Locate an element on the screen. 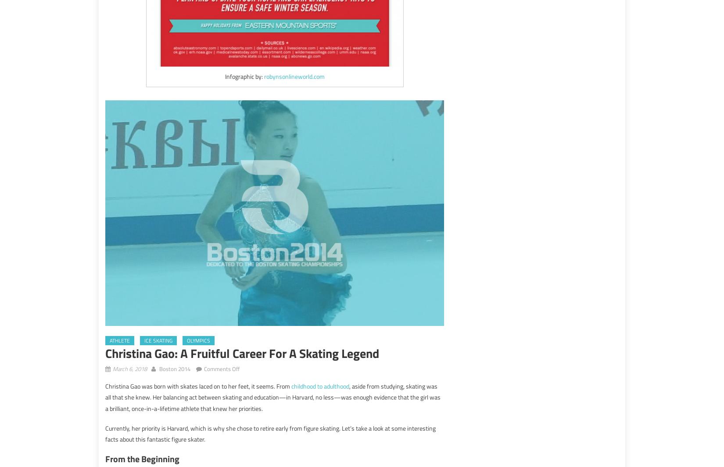 This screenshot has width=724, height=467. 'Olympics' is located at coordinates (198, 340).